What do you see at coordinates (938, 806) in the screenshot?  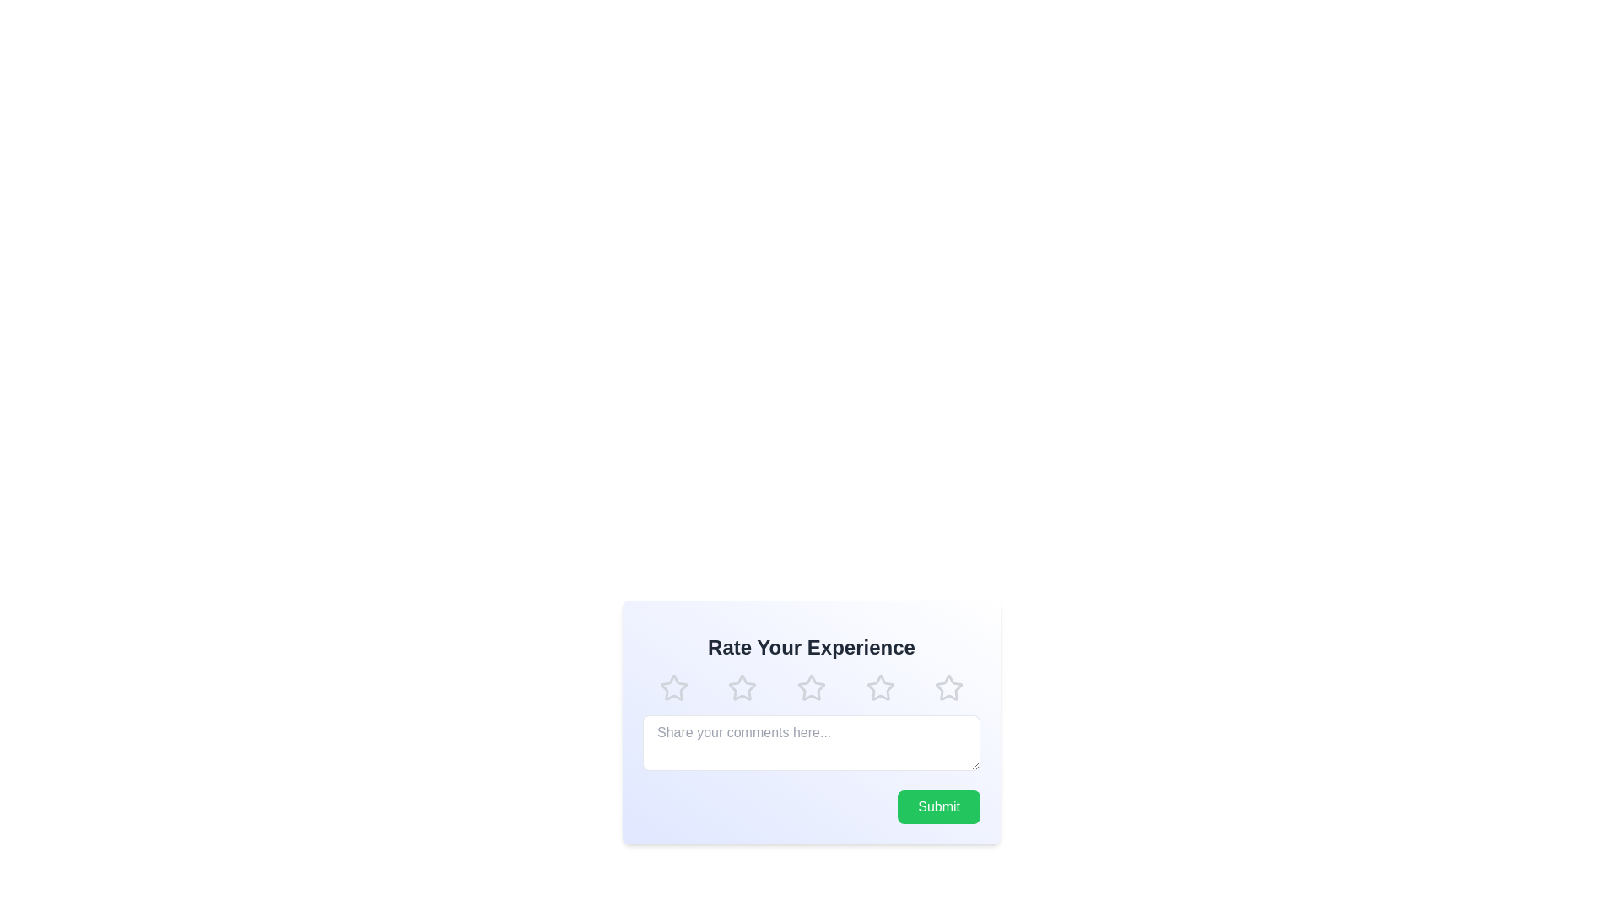 I see `the submit button to finalize the input` at bounding box center [938, 806].